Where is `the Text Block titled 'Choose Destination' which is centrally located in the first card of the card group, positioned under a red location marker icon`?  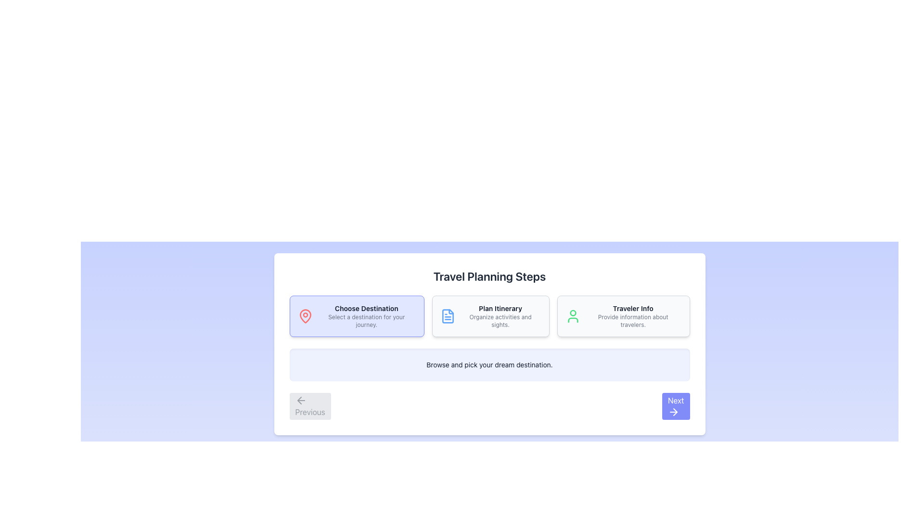 the Text Block titled 'Choose Destination' which is centrally located in the first card of the card group, positioned under a red location marker icon is located at coordinates (366, 316).